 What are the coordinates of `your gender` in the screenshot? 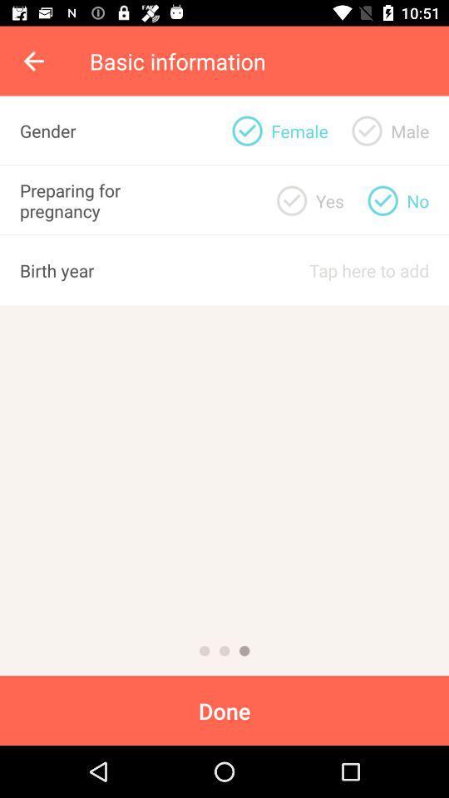 It's located at (367, 130).